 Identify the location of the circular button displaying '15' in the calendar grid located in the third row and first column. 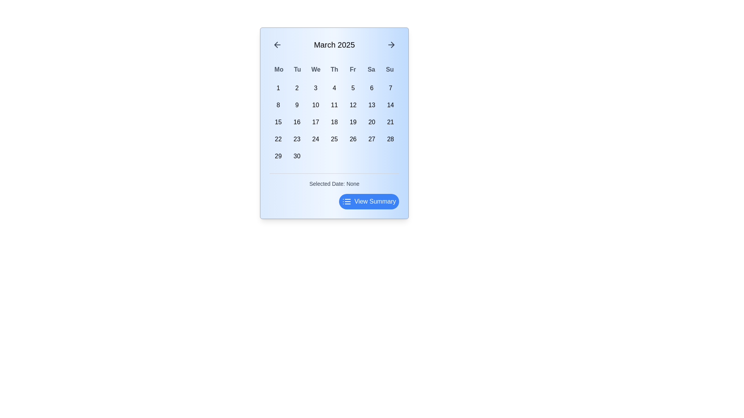
(278, 122).